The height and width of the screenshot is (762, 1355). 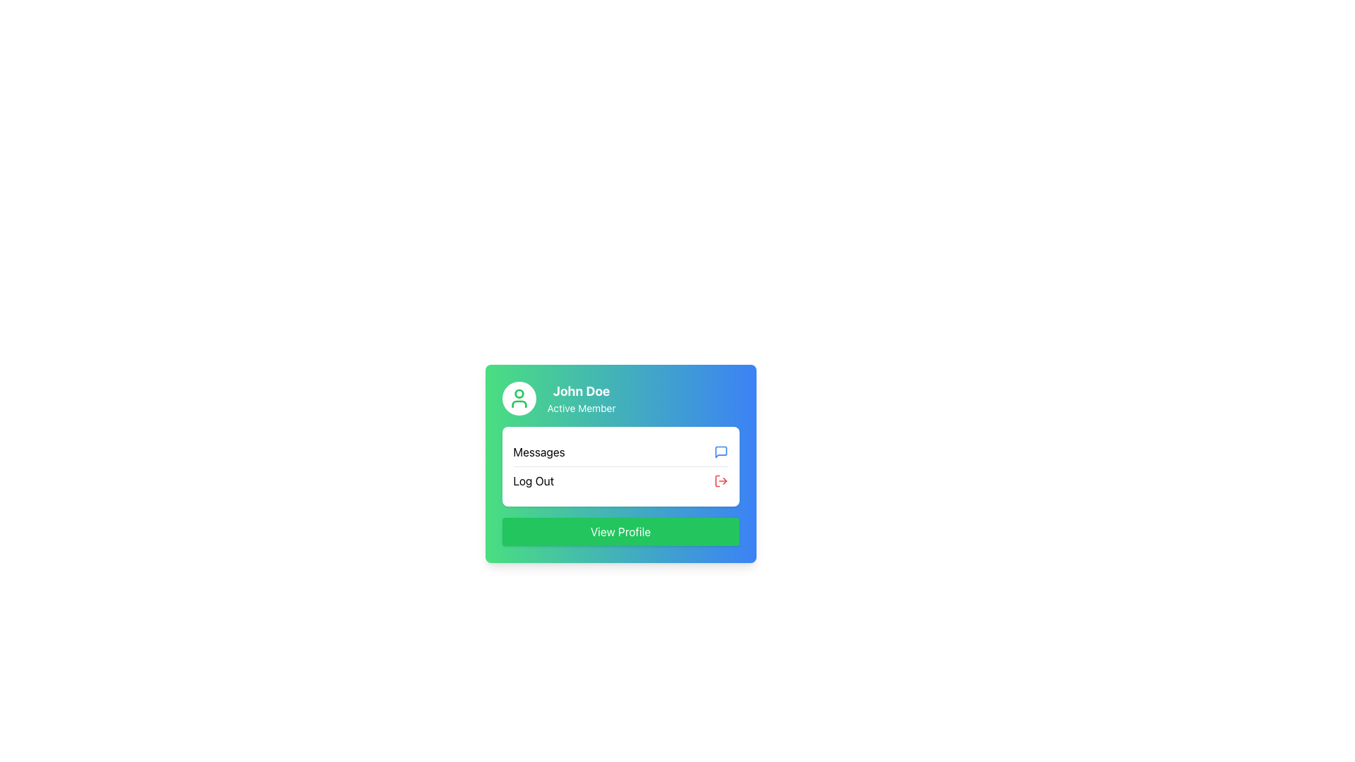 What do you see at coordinates (721, 480) in the screenshot?
I see `the SVG icon for log-out located on the far right, adjacent to the 'Log Out' text, to initiate the log-out action` at bounding box center [721, 480].